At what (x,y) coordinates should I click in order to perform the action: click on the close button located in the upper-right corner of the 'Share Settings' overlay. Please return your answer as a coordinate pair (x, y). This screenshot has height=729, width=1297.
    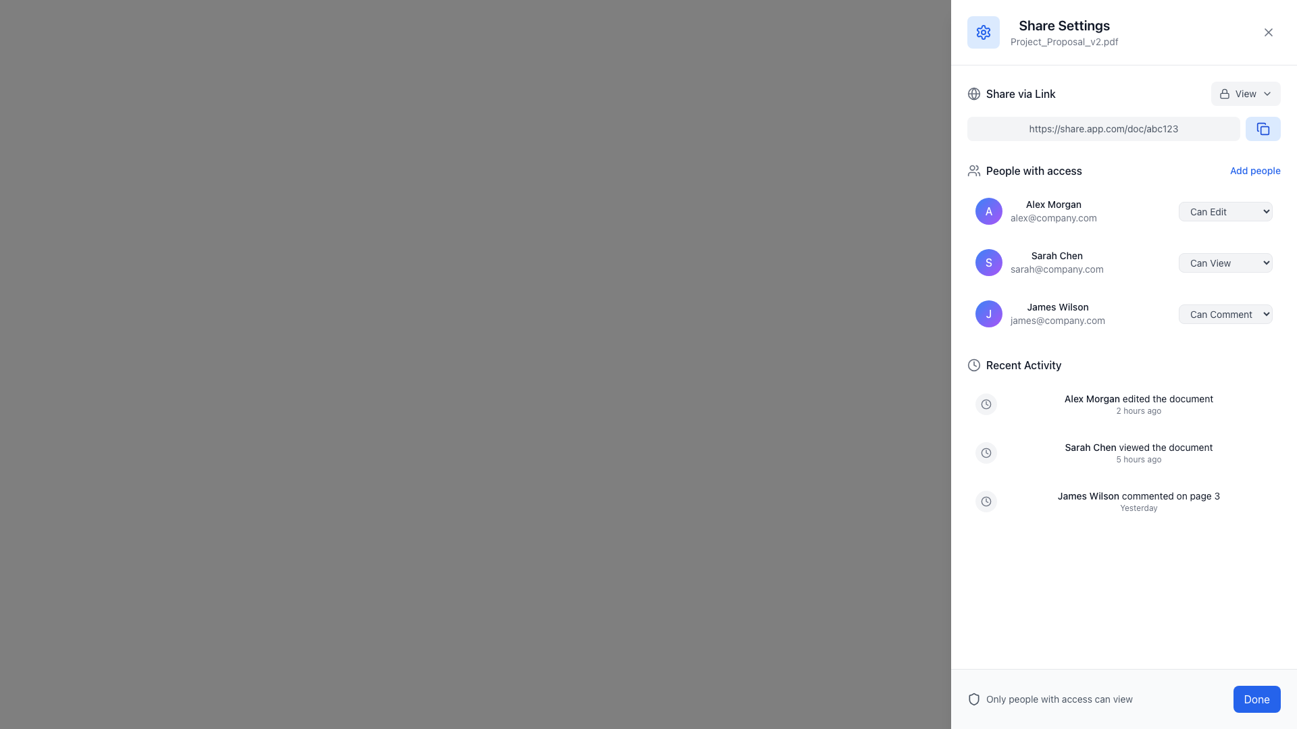
    Looking at the image, I should click on (1267, 31).